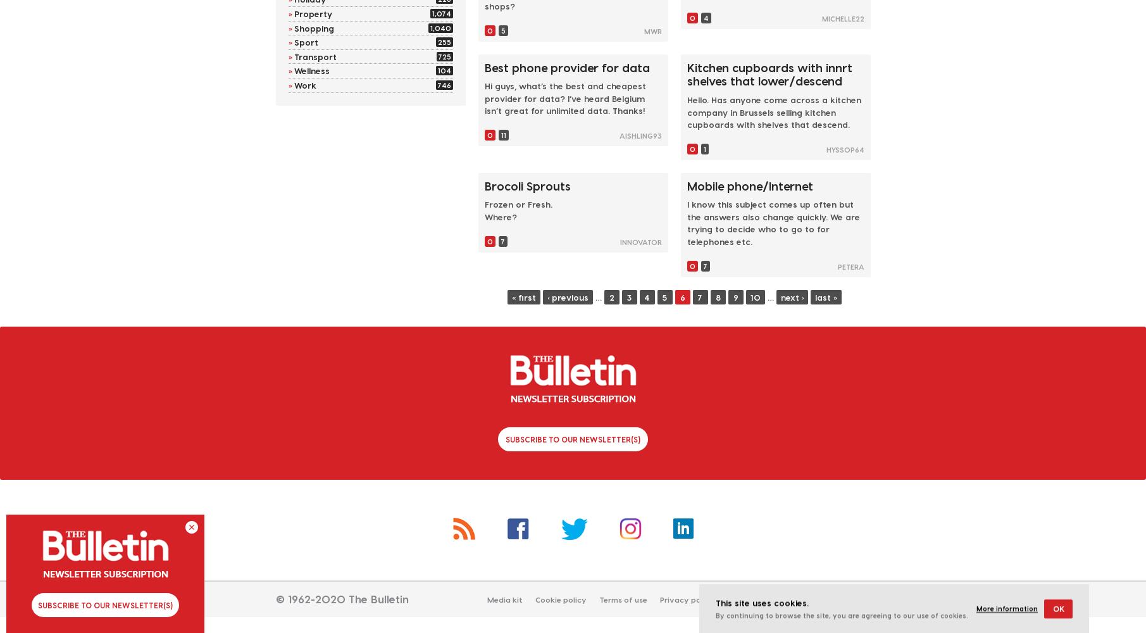  What do you see at coordinates (311, 70) in the screenshot?
I see `'Wellness'` at bounding box center [311, 70].